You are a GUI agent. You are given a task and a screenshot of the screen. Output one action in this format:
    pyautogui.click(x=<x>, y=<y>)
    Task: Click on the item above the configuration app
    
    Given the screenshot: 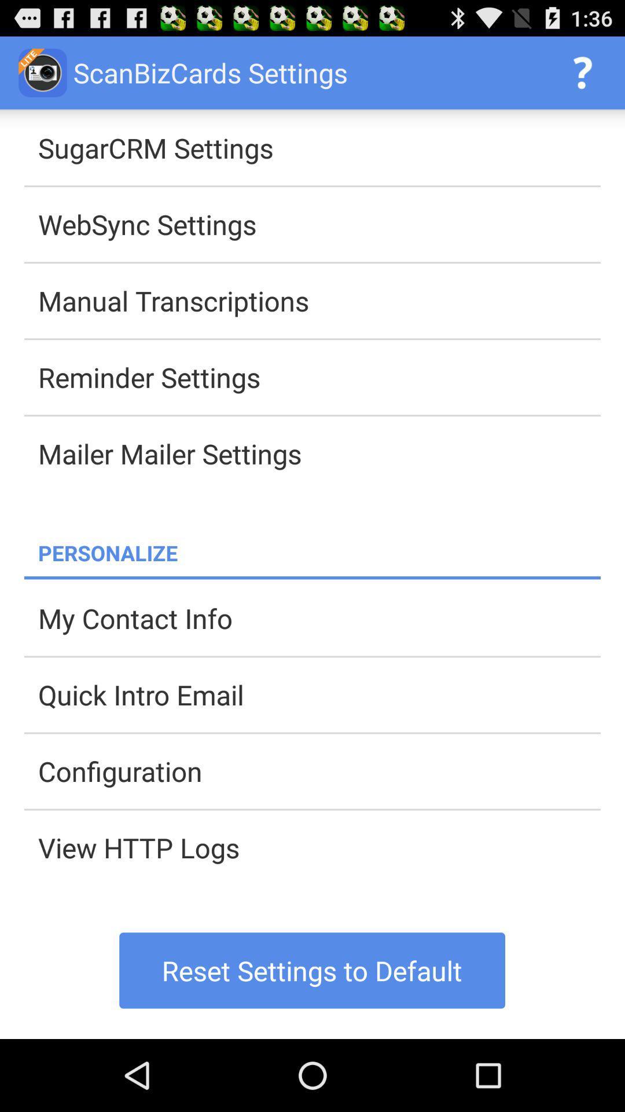 What is the action you would take?
    pyautogui.click(x=319, y=694)
    